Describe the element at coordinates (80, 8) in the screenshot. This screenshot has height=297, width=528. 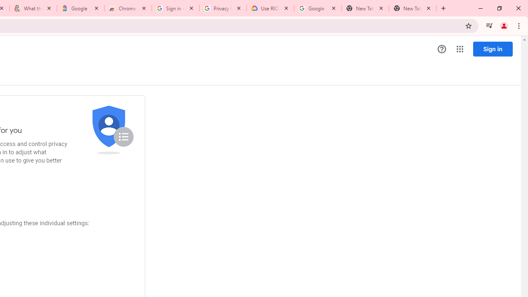
I see `'Google'` at that location.